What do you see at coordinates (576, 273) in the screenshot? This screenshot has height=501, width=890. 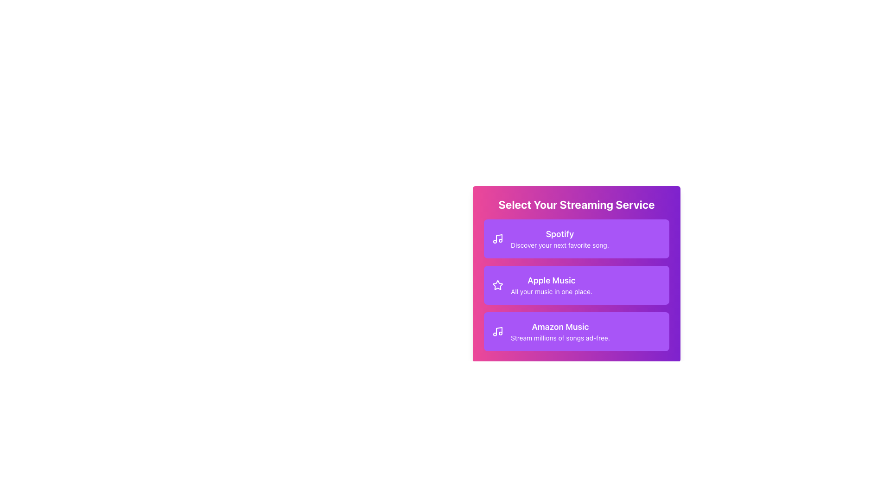 I see `the second option of the Interactive Button titled 'Select Your Streaming Service', which is positioned between 'Spotify' and 'Amazon Music'` at bounding box center [576, 273].